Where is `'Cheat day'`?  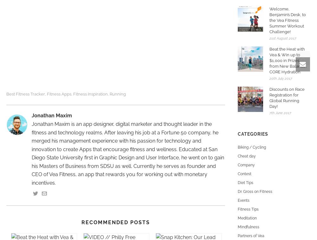 'Cheat day' is located at coordinates (247, 156).